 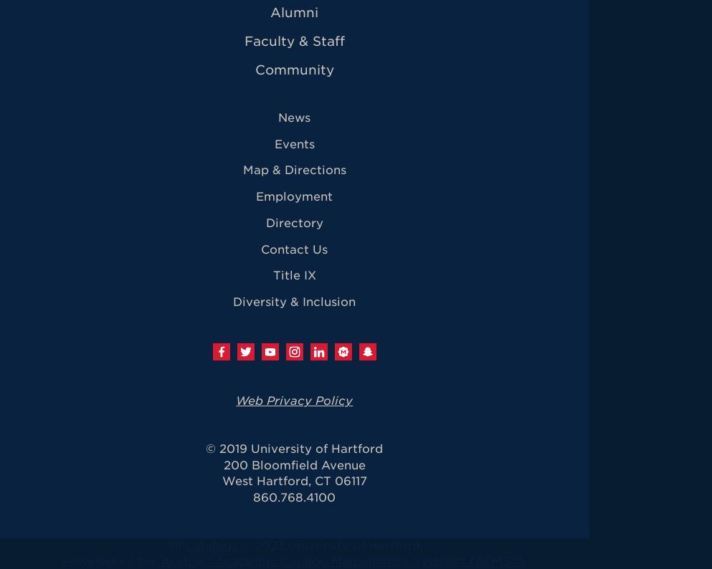 What do you see at coordinates (293, 248) in the screenshot?
I see `'Contact Us'` at bounding box center [293, 248].